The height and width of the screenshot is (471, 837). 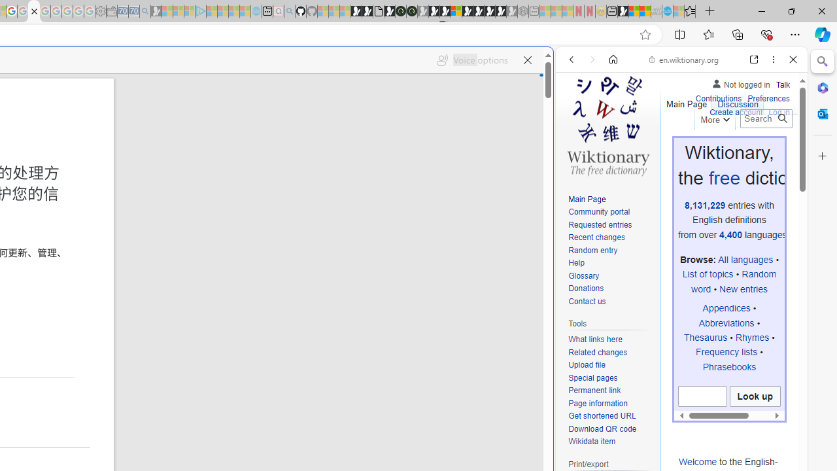 I want to click on 'Download QR code', so click(x=611, y=429).